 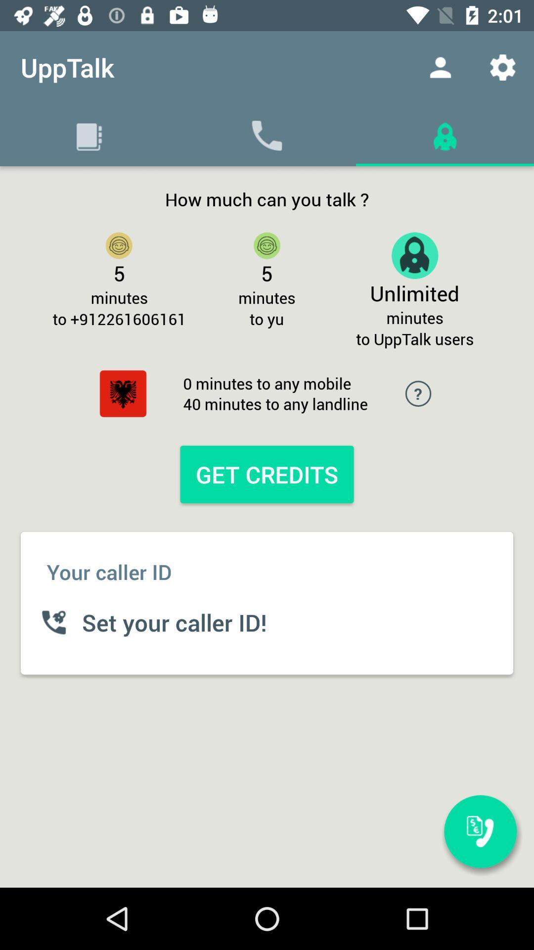 What do you see at coordinates (480, 831) in the screenshot?
I see `the icon below the to upptalk users icon` at bounding box center [480, 831].